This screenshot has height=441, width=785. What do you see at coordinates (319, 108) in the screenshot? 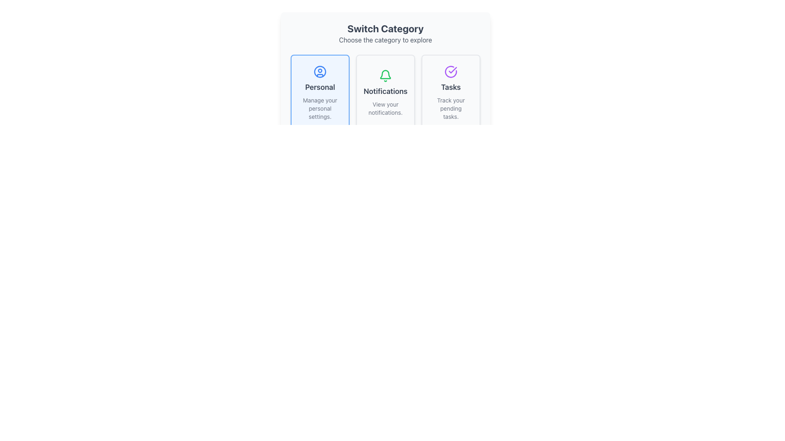
I see `the informative text label located at the bottom of the 'Personal' option box, directly beneath the 'Personal' heading` at bounding box center [319, 108].